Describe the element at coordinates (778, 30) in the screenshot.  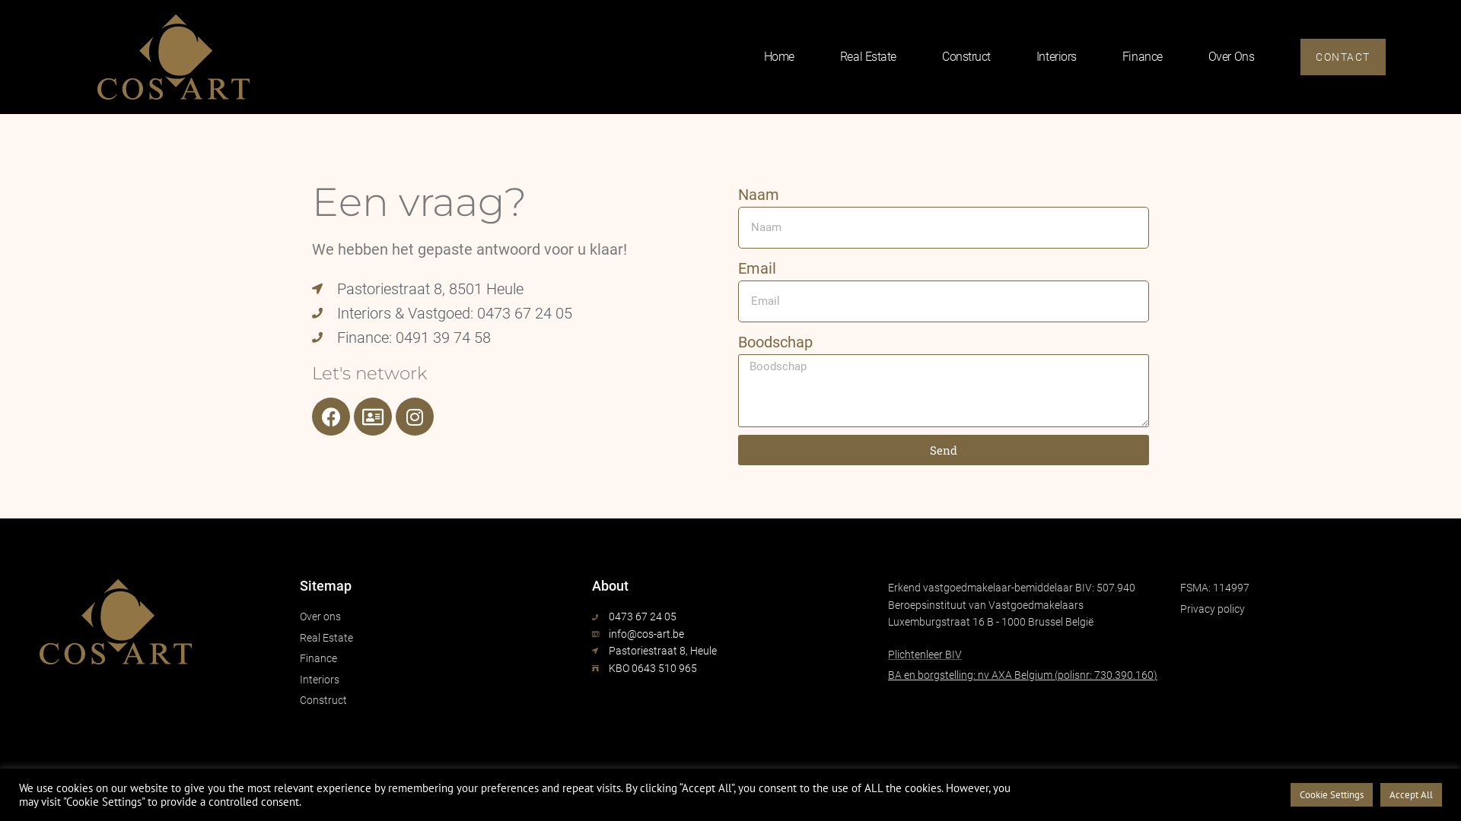
I see `'Home'` at that location.